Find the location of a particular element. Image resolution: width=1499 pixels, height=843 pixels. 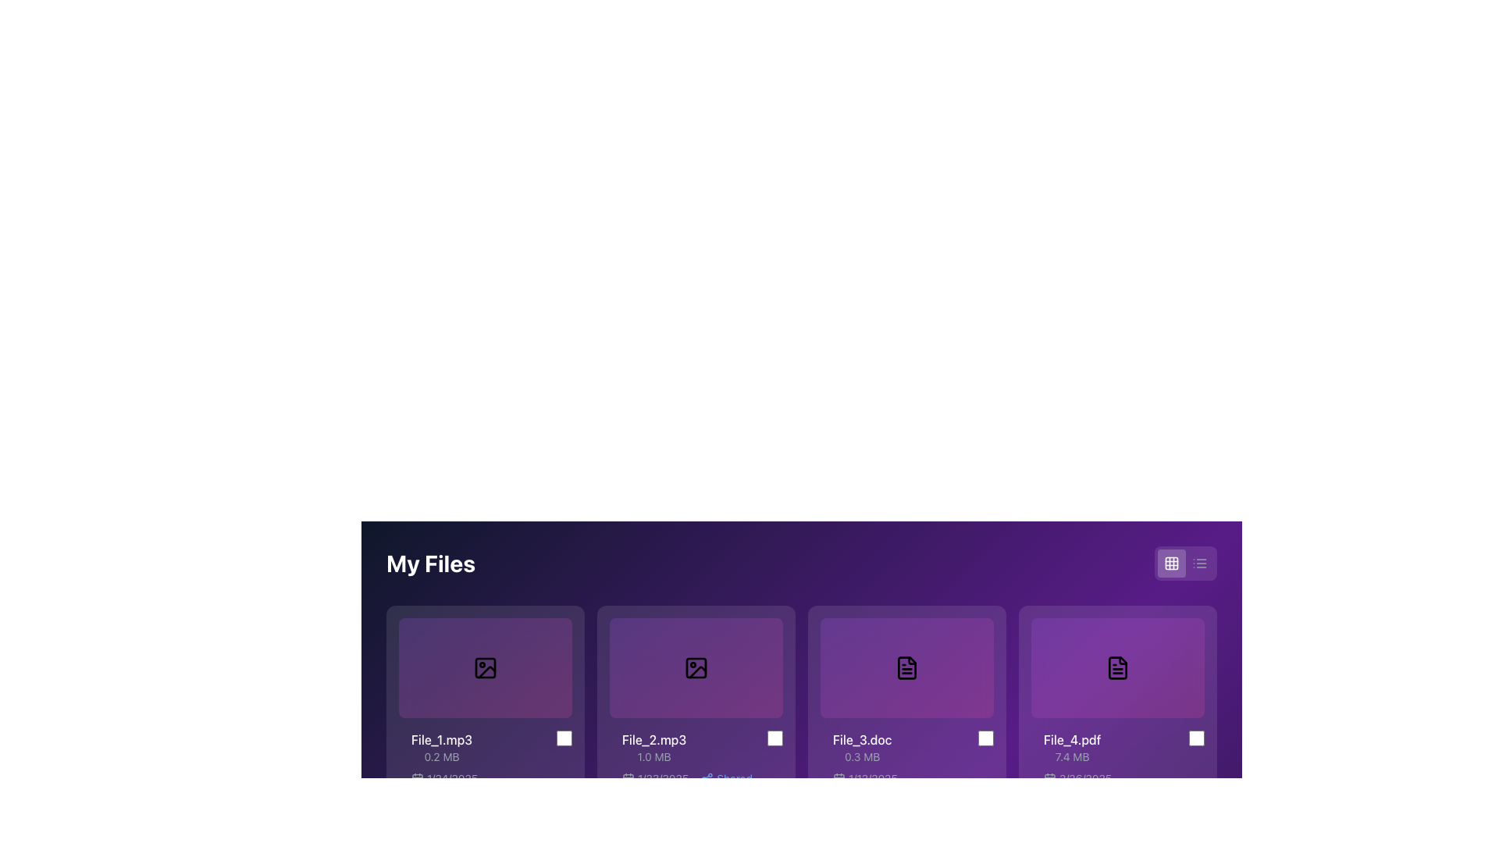

the top-left square of the grid icon, which is part of a structured grid interface and visually consistent with the flat design of the UI is located at coordinates (1172, 563).